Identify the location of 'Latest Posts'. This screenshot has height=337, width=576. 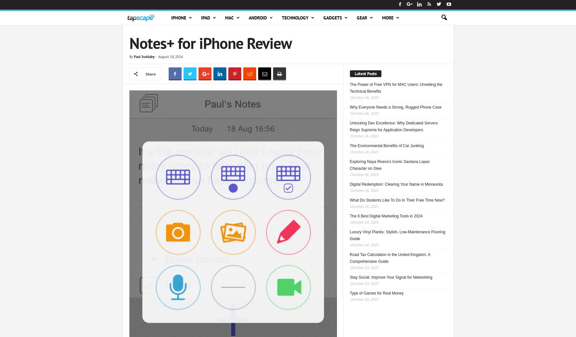
(365, 73).